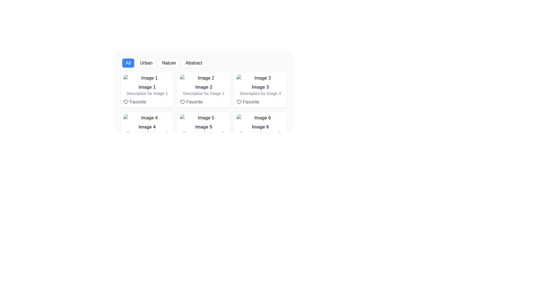 The width and height of the screenshot is (546, 307). Describe the element at coordinates (183, 141) in the screenshot. I see `the heart-shaped icon located at the bottom-left corner of the card corresponding` at that location.